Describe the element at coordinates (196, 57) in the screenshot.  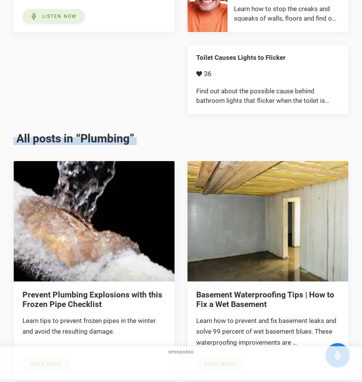
I see `'Toilet Causes Lights to Flicker'` at that location.